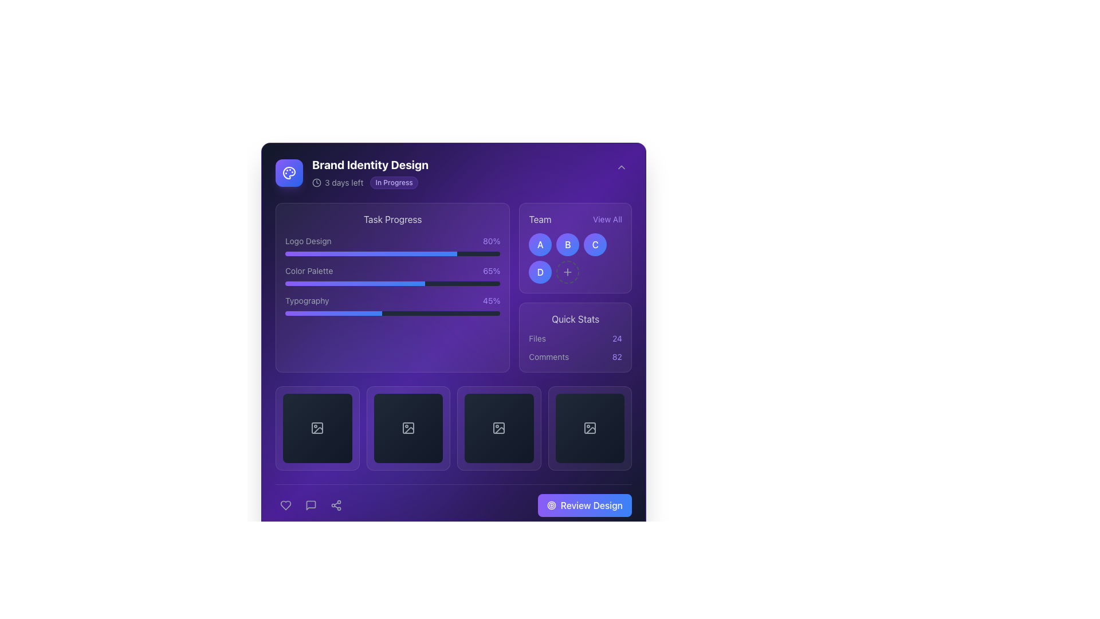 Image resolution: width=1100 pixels, height=619 pixels. I want to click on the SVG rectangle element located in the top-left square of the grid below the 'Task Progress' section, so click(317, 428).